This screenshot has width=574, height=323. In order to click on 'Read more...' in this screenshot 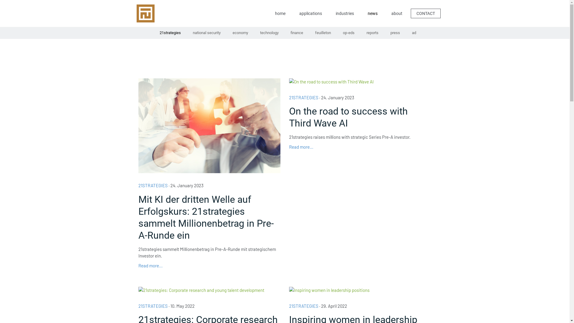, I will do `click(150, 265)`.